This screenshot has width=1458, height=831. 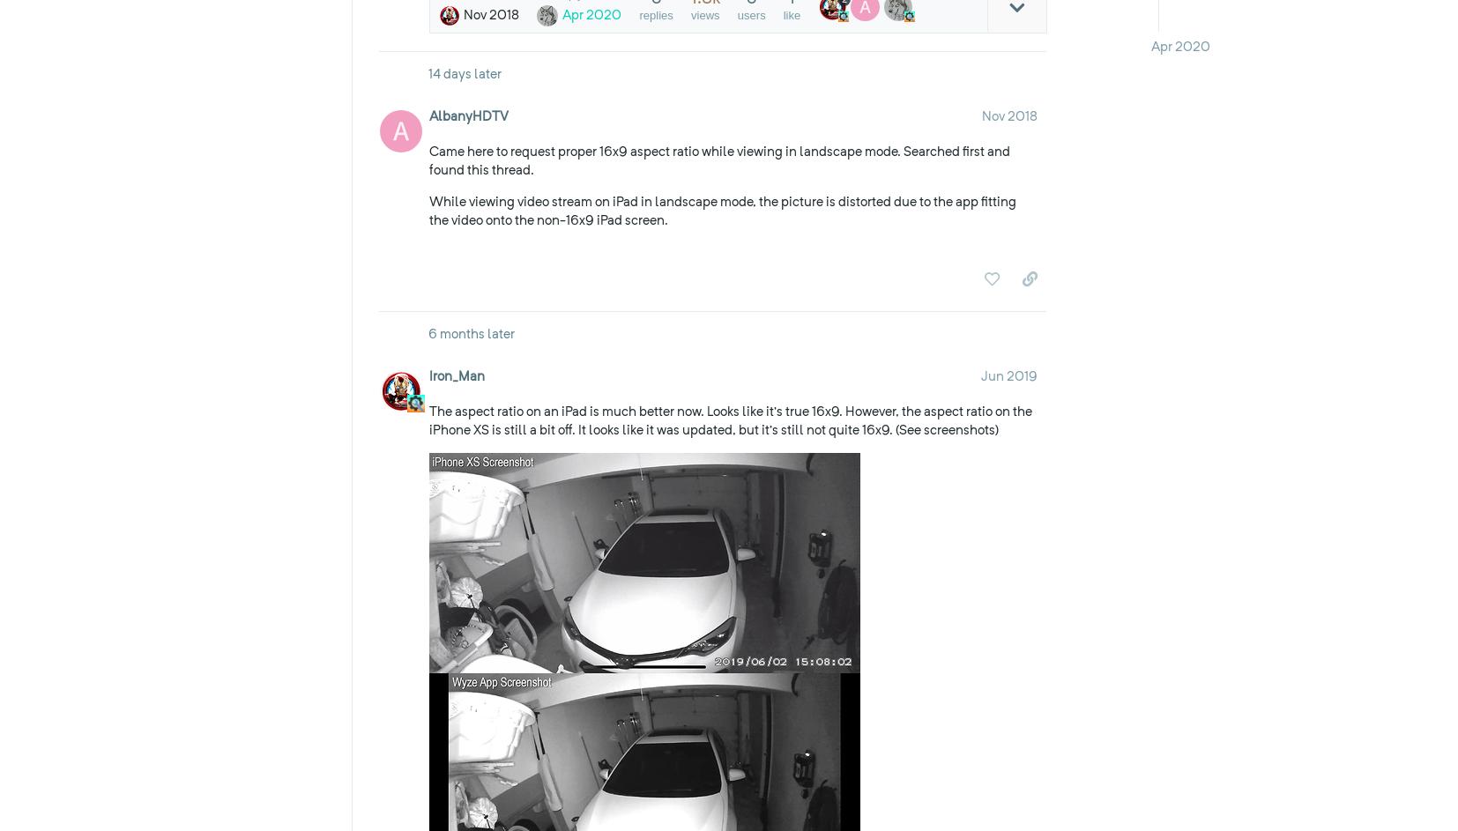 What do you see at coordinates (611, 134) in the screenshot?
I see `'Respect our forum. Don’t post spam or otherwise vandalize the forum.'` at bounding box center [611, 134].